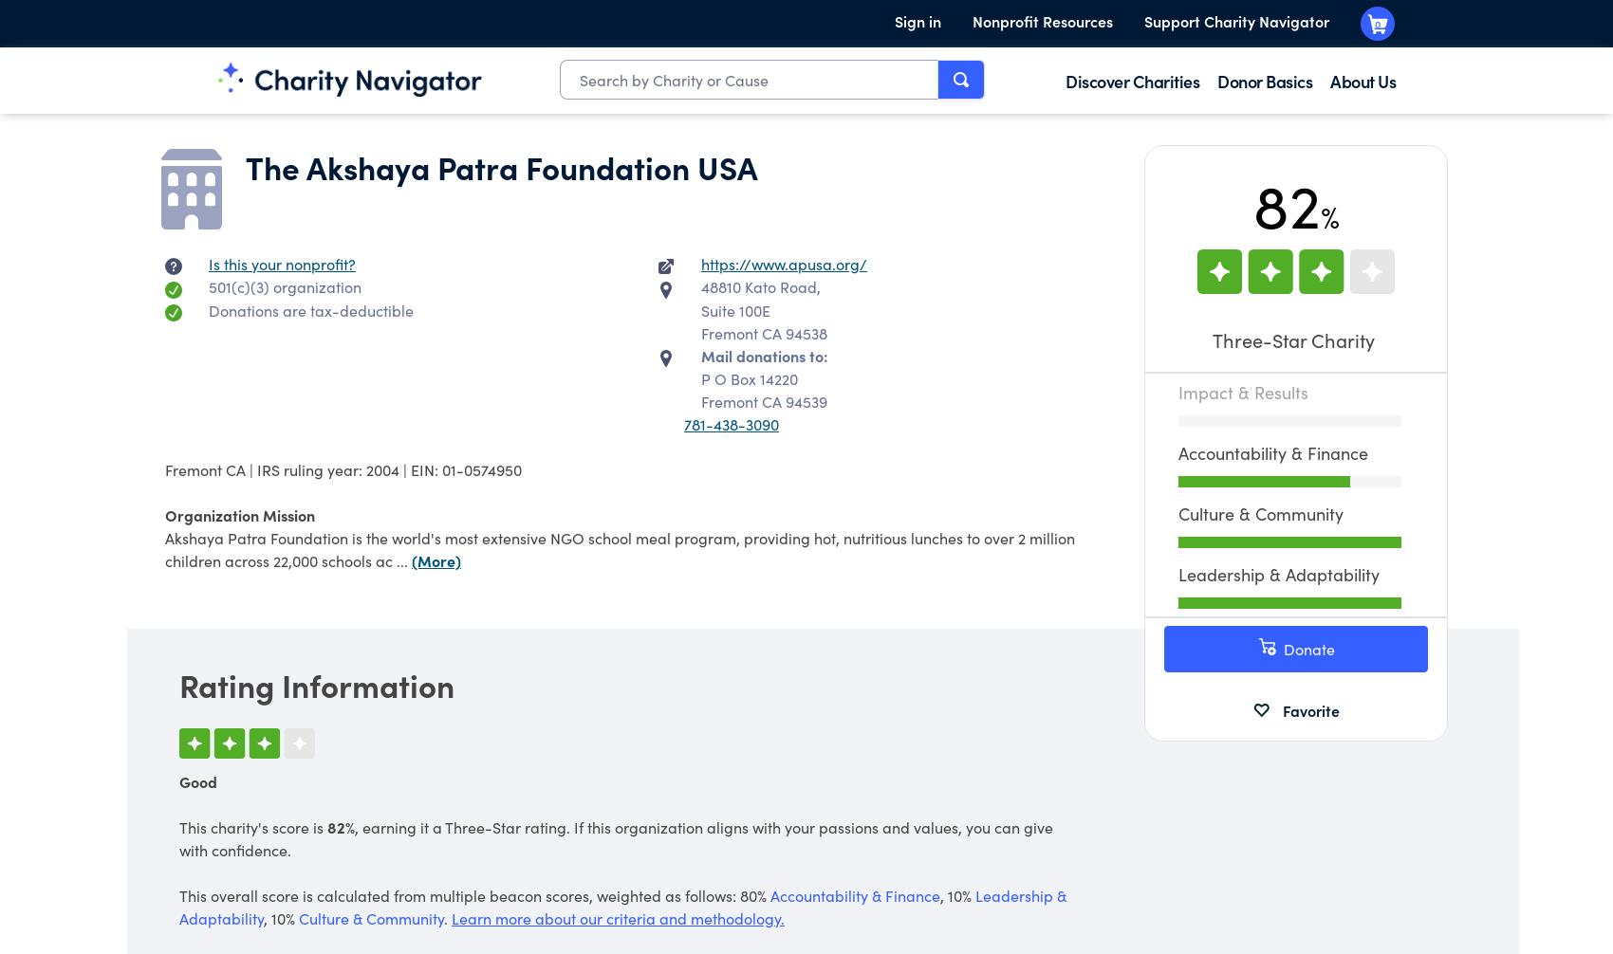 This screenshot has height=954, width=1613. What do you see at coordinates (763, 354) in the screenshot?
I see `'Mail donations to:'` at bounding box center [763, 354].